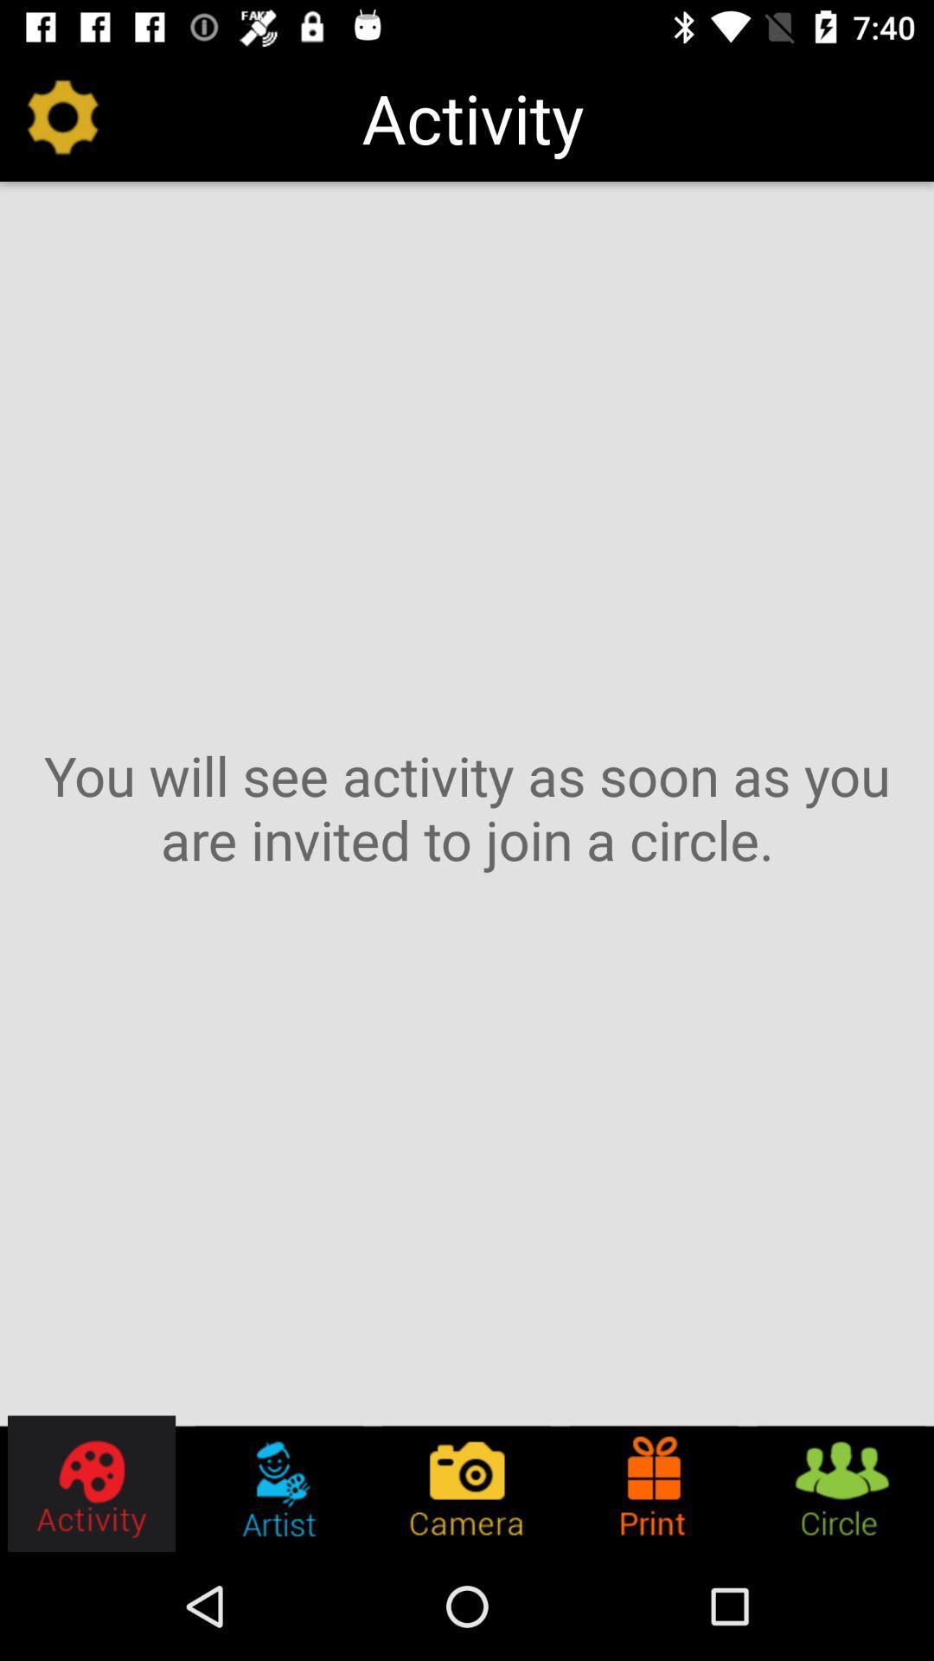 This screenshot has height=1661, width=934. I want to click on the item at the top left corner, so click(62, 117).